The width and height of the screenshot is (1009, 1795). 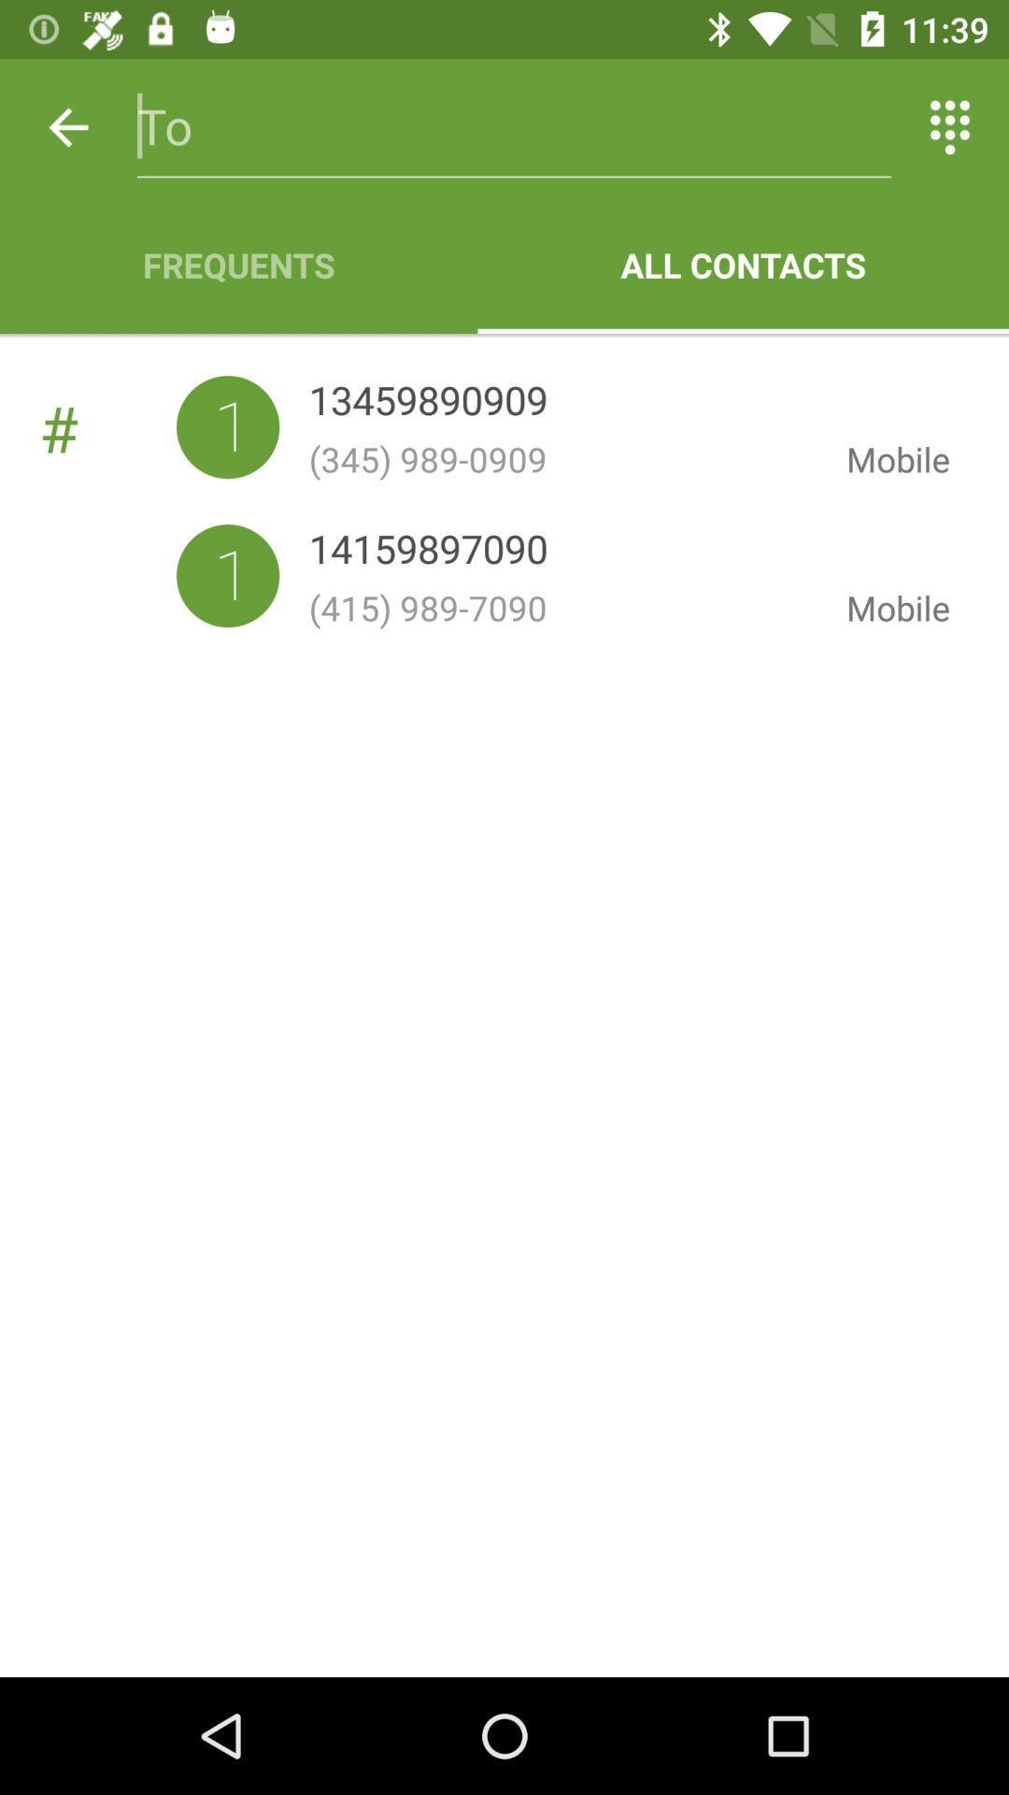 I want to click on the 13459890909, so click(x=428, y=403).